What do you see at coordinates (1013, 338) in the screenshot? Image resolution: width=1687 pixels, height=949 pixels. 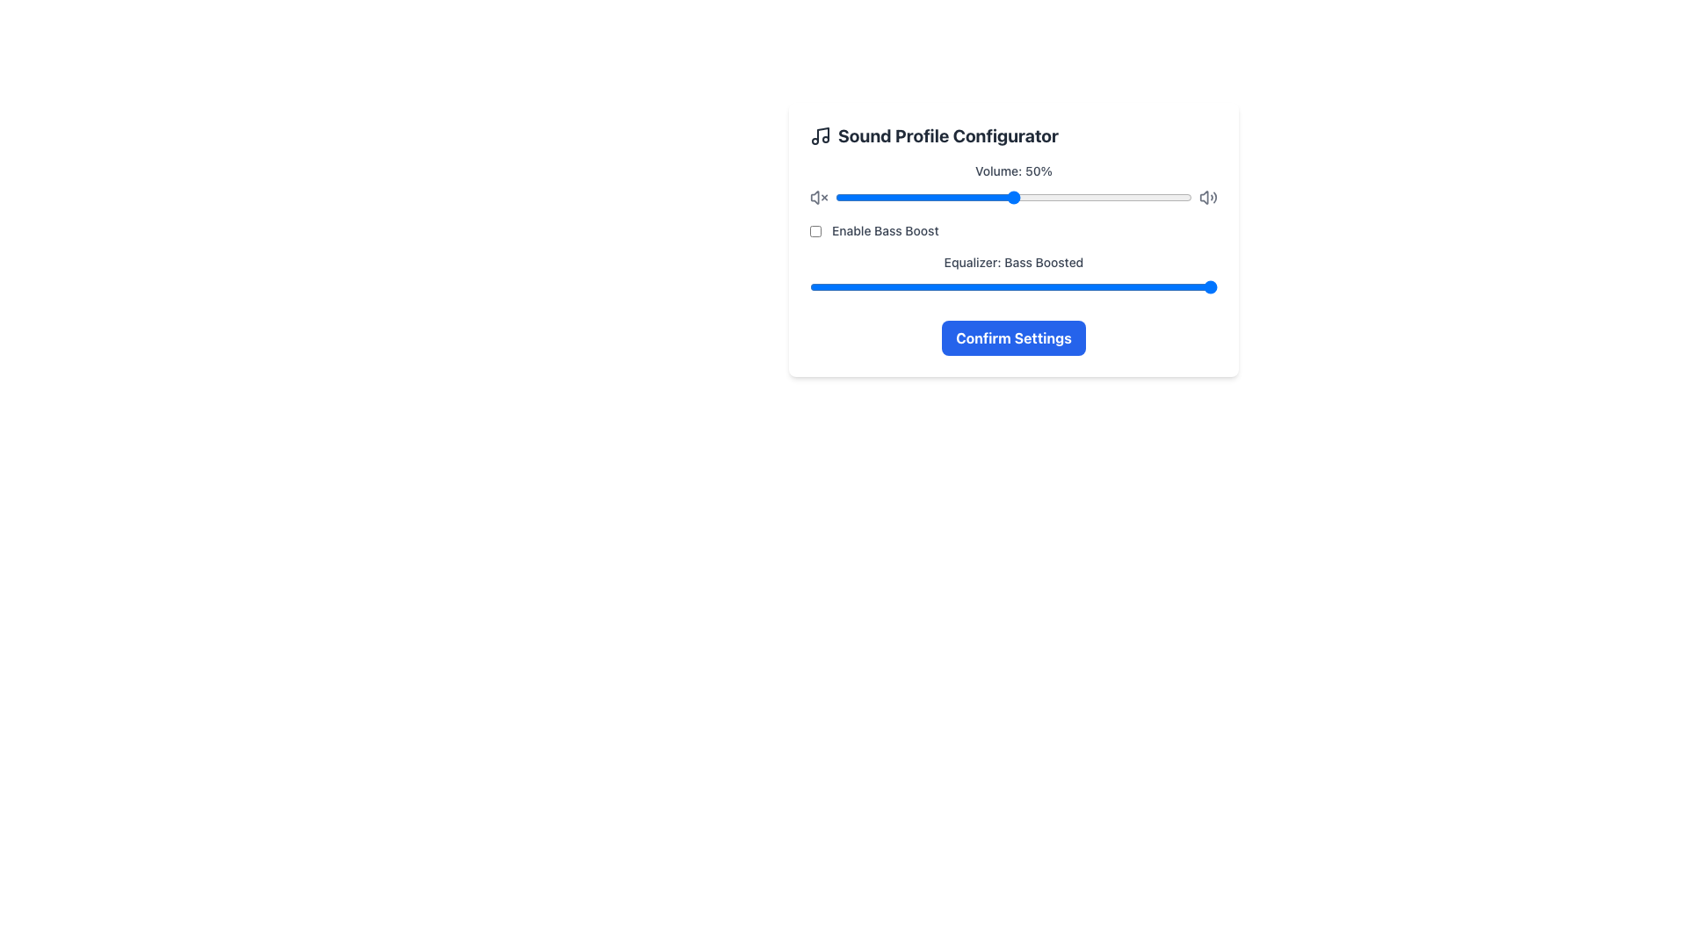 I see `the 'Confirm Settings' button with a blue background and bold white text located at the bottom of the 'Sound Profile Configurator' card to confirm the settings` at bounding box center [1013, 338].